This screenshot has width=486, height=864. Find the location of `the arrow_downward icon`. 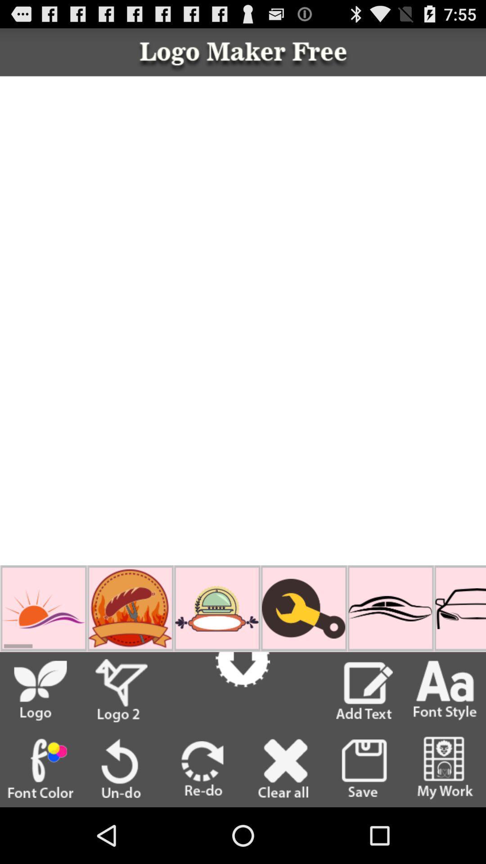

the arrow_downward icon is located at coordinates (242, 706).